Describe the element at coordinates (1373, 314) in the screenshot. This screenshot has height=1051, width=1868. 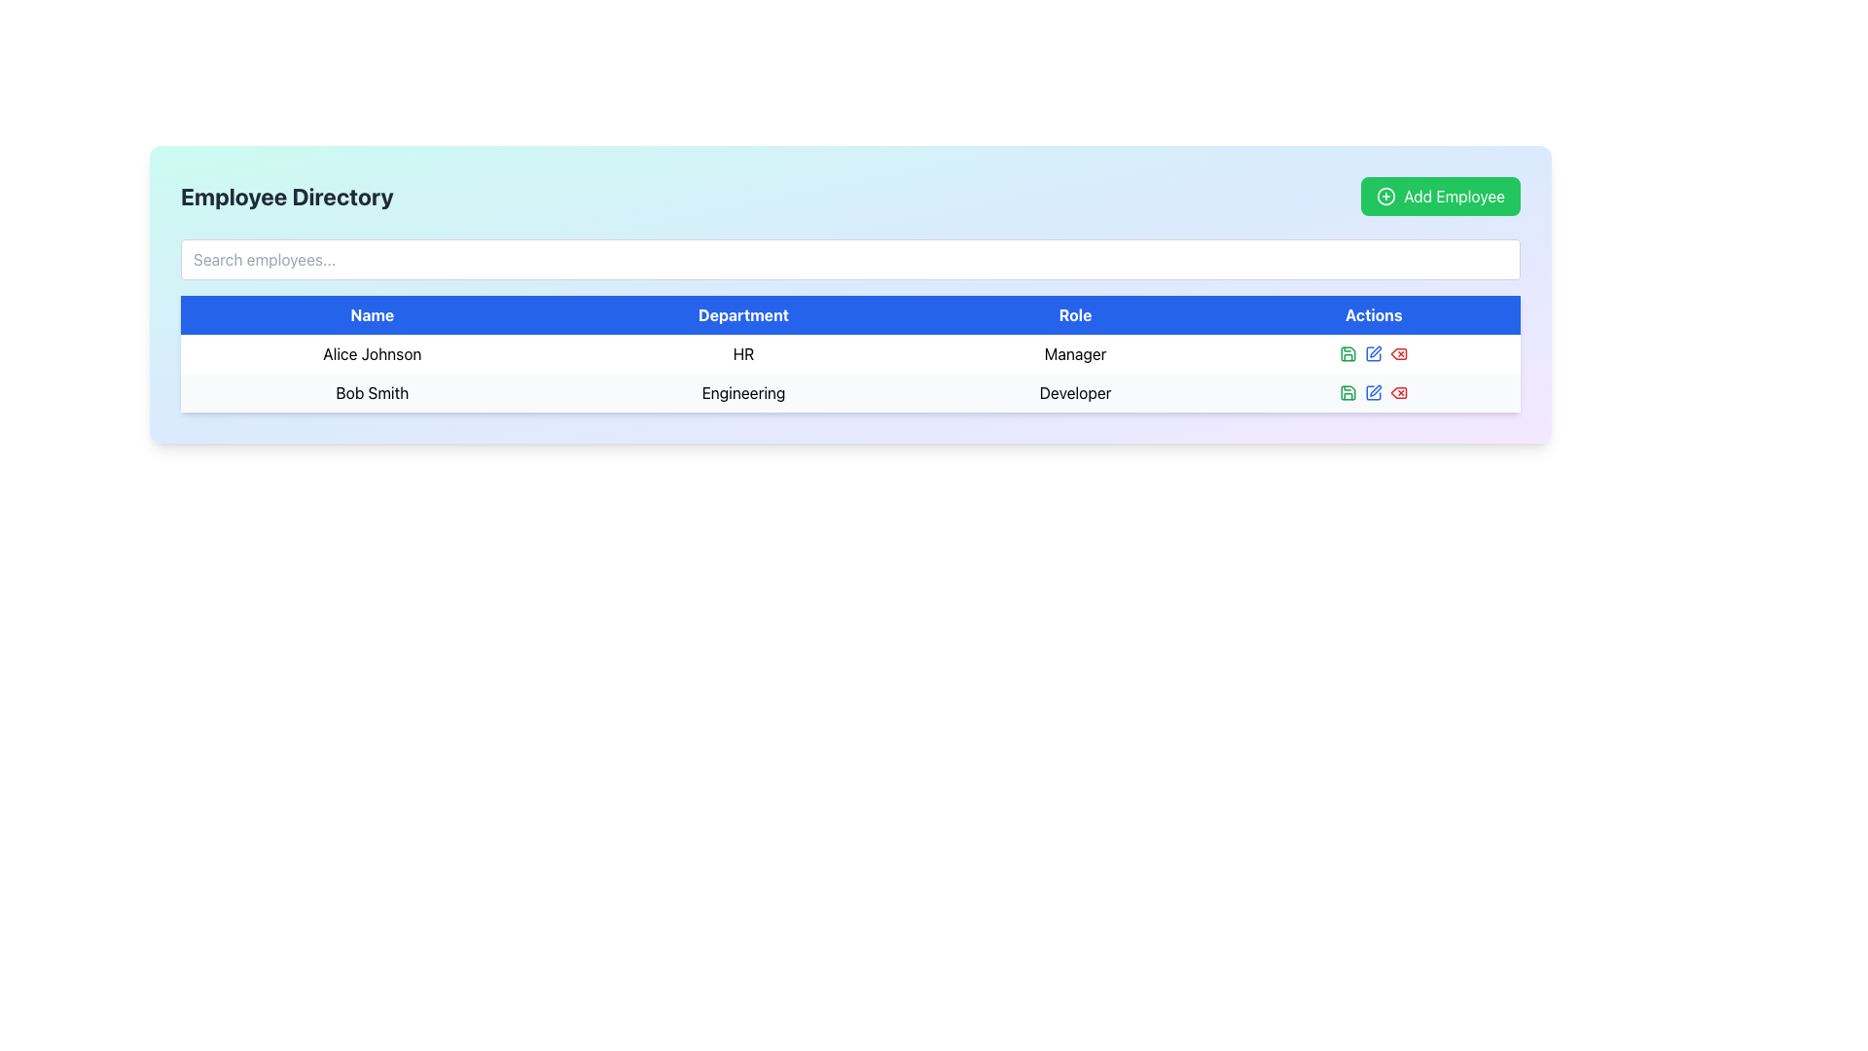
I see `the 'Actions' label element, which has a blue background and white text, located in the header row of the interface` at that location.